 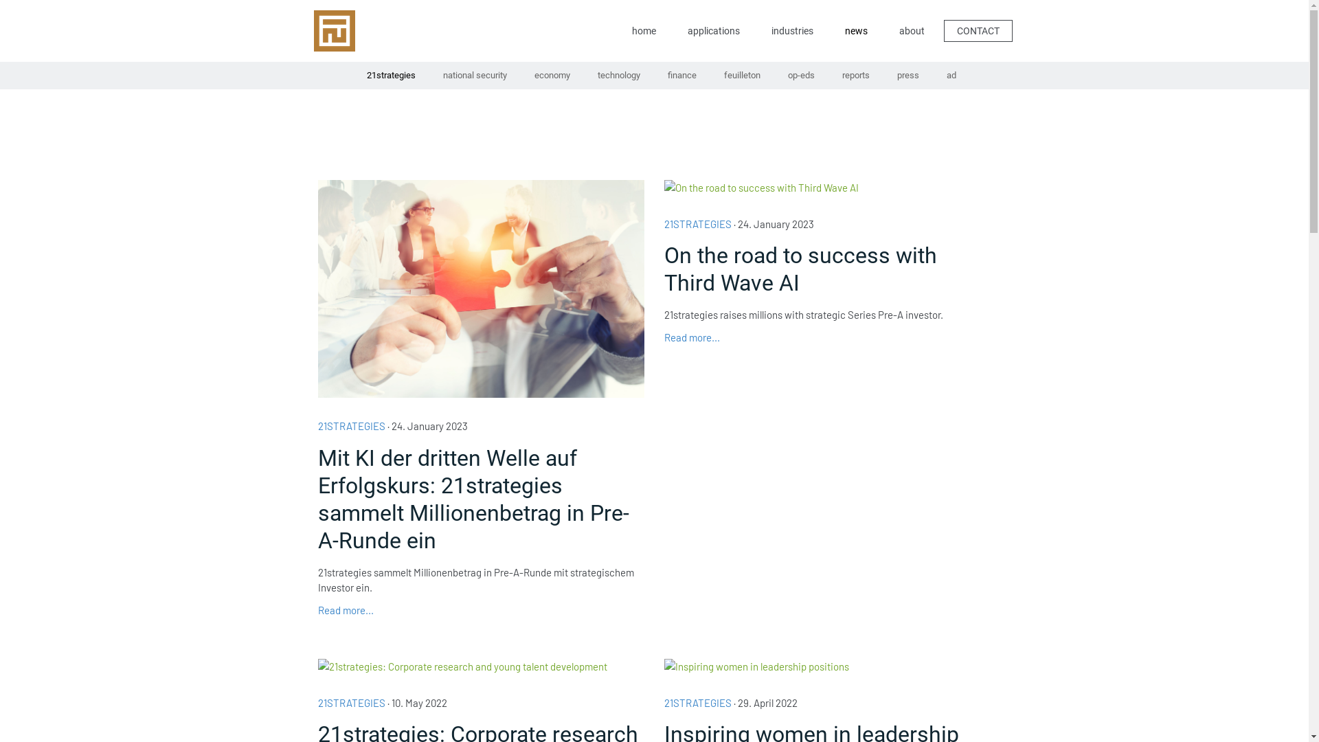 What do you see at coordinates (682, 76) in the screenshot?
I see `'finance'` at bounding box center [682, 76].